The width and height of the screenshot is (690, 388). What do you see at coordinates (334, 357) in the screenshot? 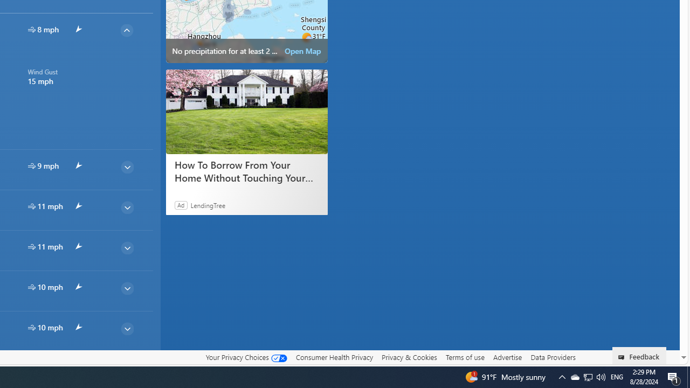
I see `'Consumer Health Privacy'` at bounding box center [334, 357].